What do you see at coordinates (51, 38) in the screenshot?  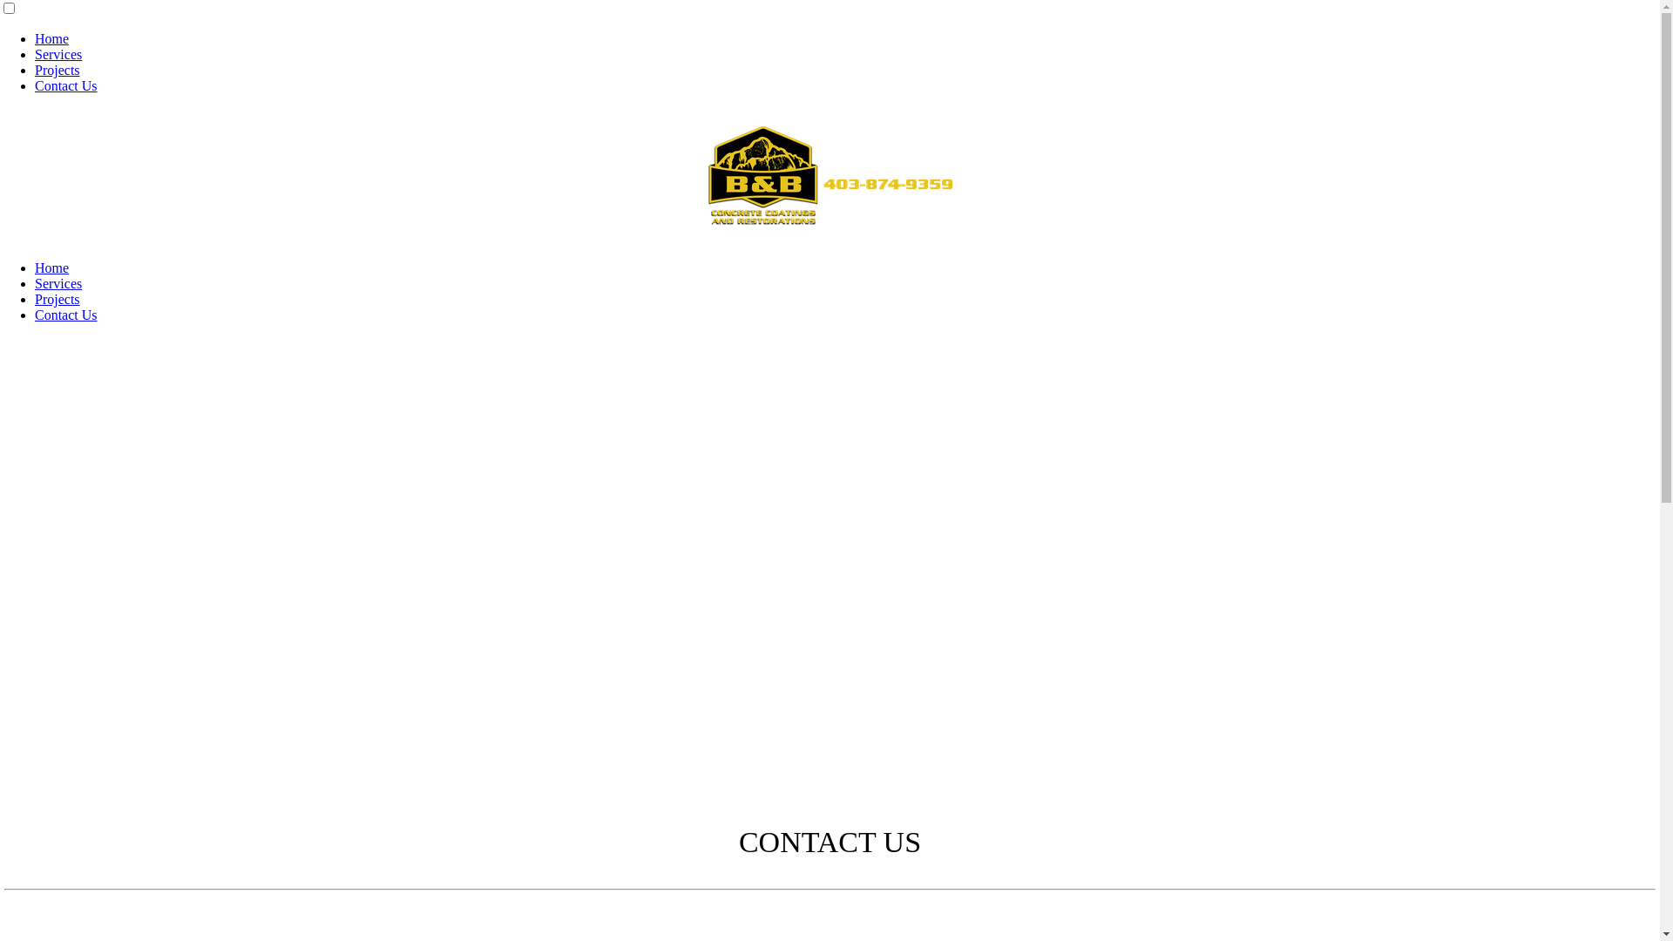 I see `'Home'` at bounding box center [51, 38].